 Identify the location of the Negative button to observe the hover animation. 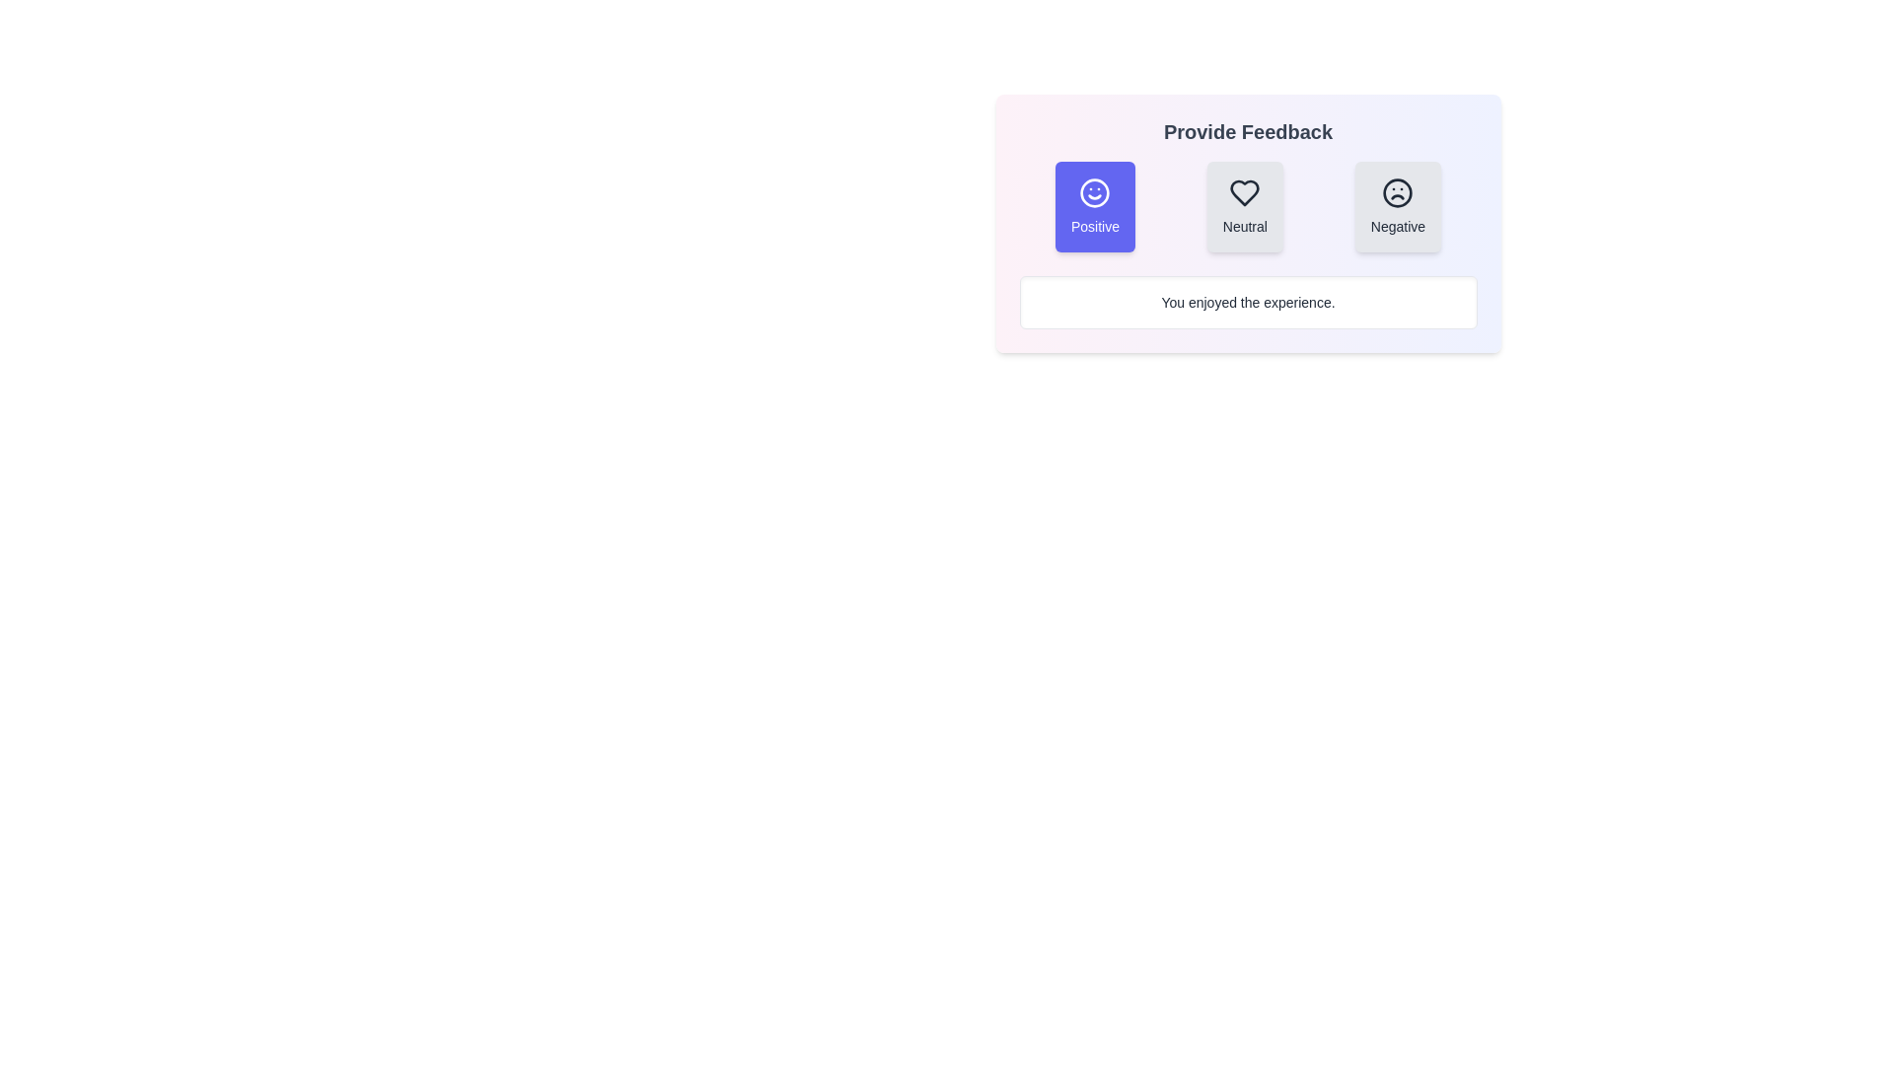
(1397, 206).